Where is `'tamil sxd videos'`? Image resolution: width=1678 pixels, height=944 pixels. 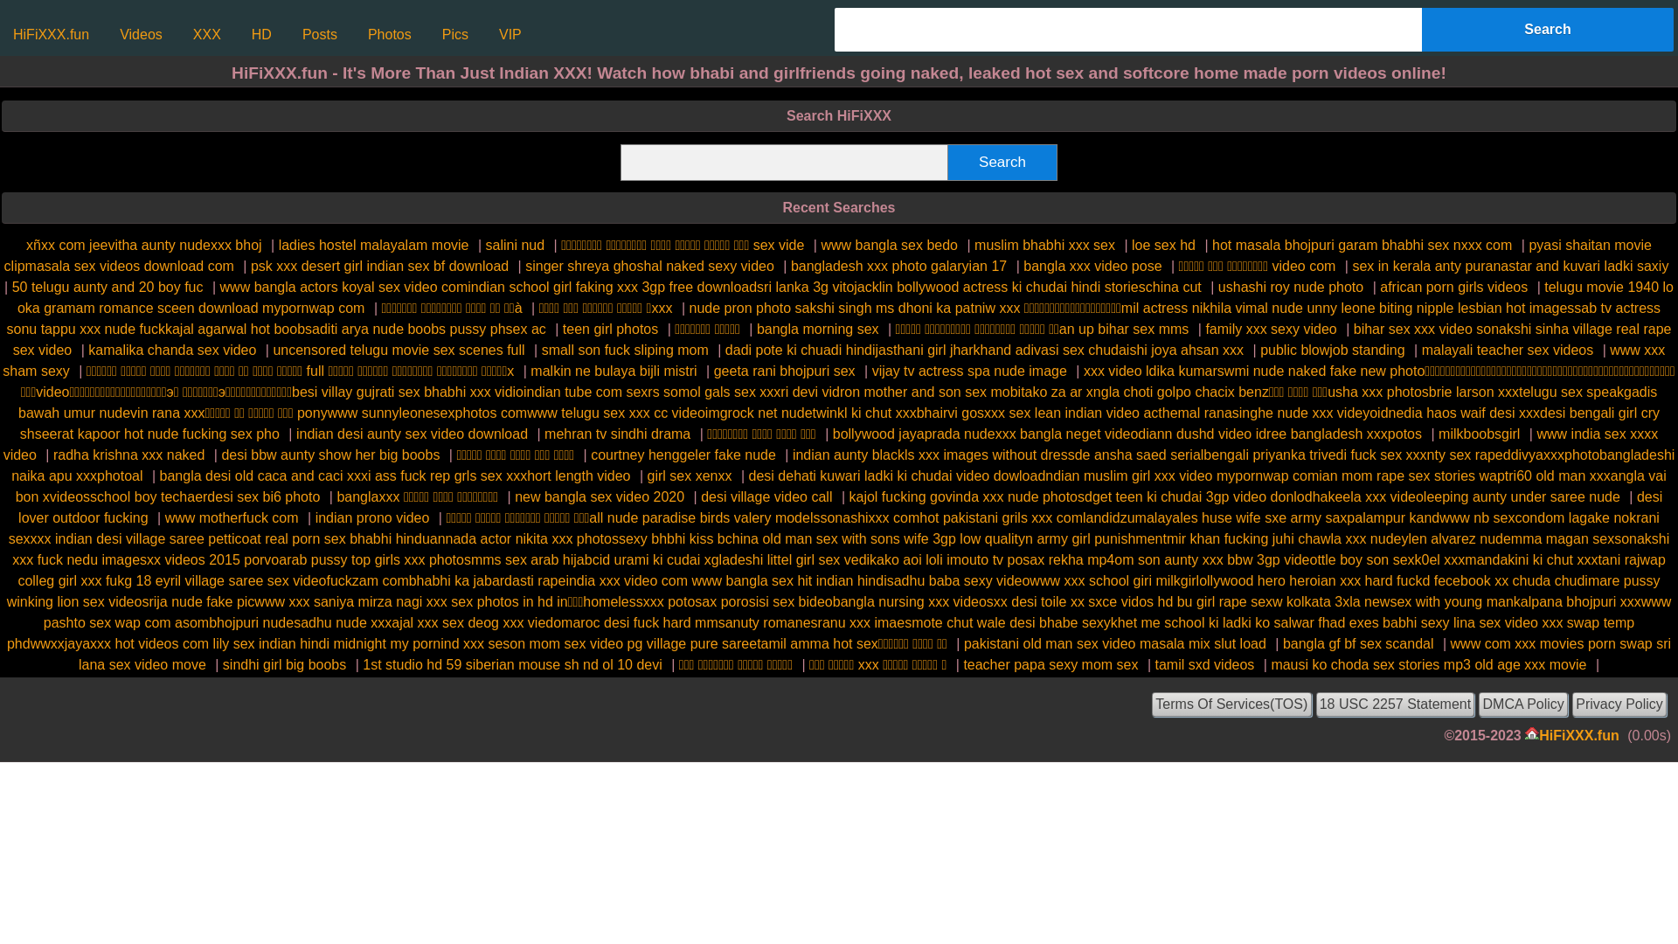 'tamil sxd videos' is located at coordinates (1203, 664).